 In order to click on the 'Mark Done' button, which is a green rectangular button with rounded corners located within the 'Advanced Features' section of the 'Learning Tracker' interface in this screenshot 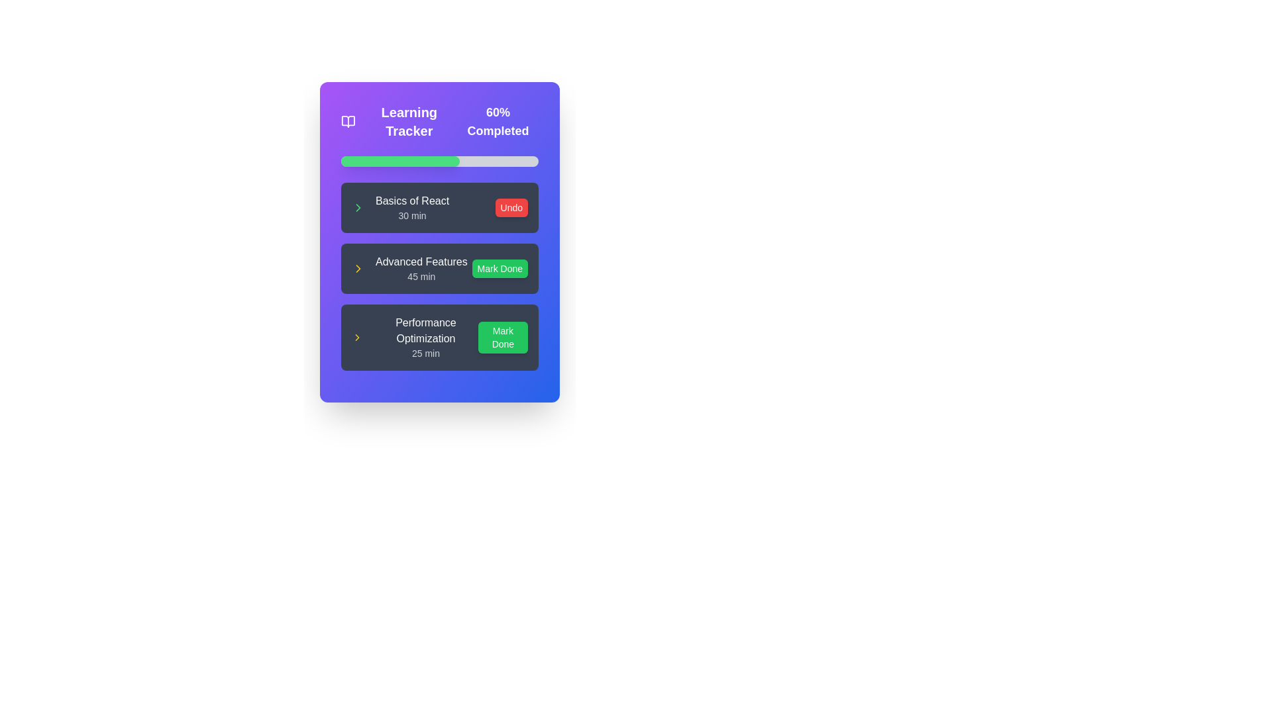, I will do `click(499, 268)`.